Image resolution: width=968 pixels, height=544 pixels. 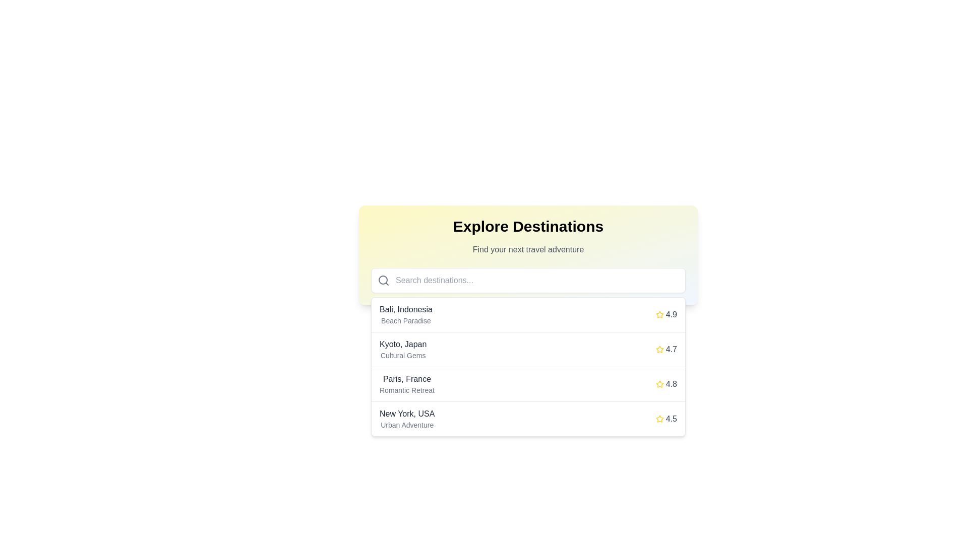 I want to click on the text label displaying 'Paris, France' which is styled in gray and positioned in the third row of the list of destinations, so click(x=407, y=379).